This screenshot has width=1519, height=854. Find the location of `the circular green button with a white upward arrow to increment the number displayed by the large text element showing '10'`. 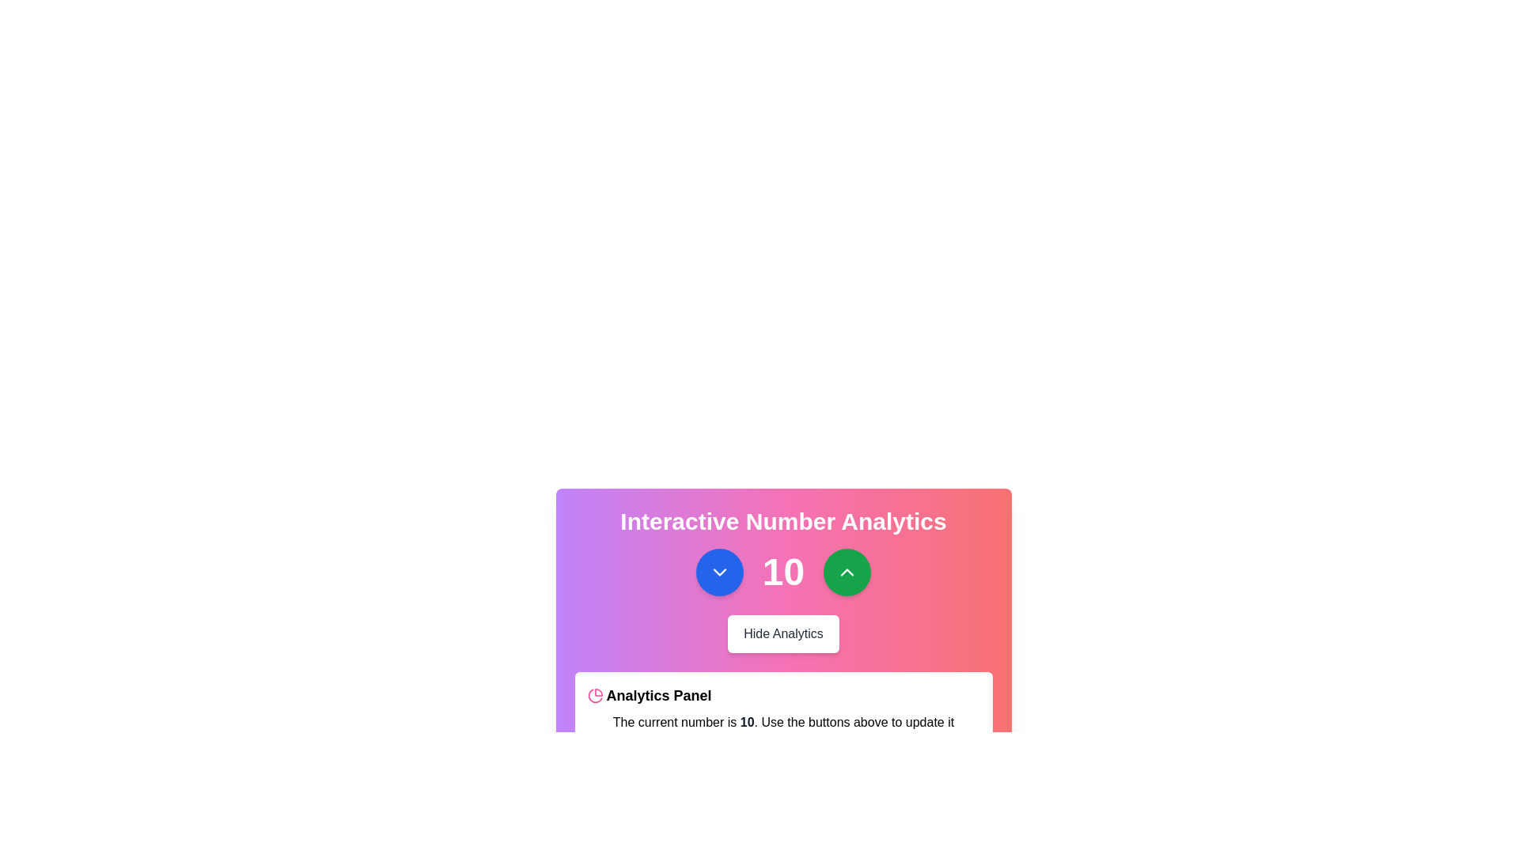

the circular green button with a white upward arrow to increment the number displayed by the large text element showing '10' is located at coordinates (847, 572).